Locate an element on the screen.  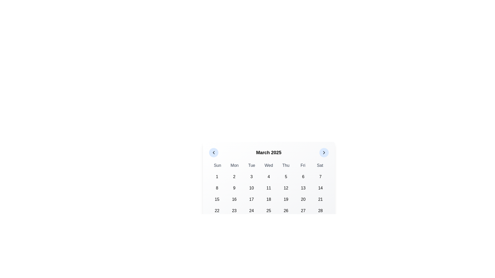
the interactive button representing the date '16th' is located at coordinates (234, 199).